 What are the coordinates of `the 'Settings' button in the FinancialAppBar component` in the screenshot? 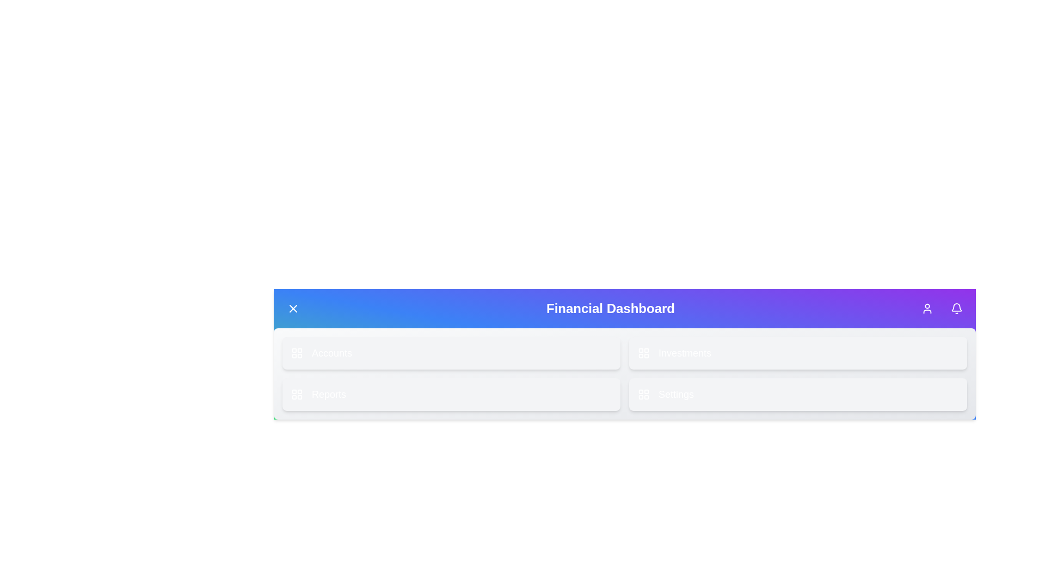 It's located at (798, 394).